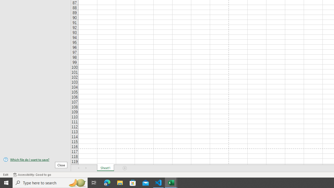  What do you see at coordinates (79, 168) in the screenshot?
I see `'Scroll Left'` at bounding box center [79, 168].